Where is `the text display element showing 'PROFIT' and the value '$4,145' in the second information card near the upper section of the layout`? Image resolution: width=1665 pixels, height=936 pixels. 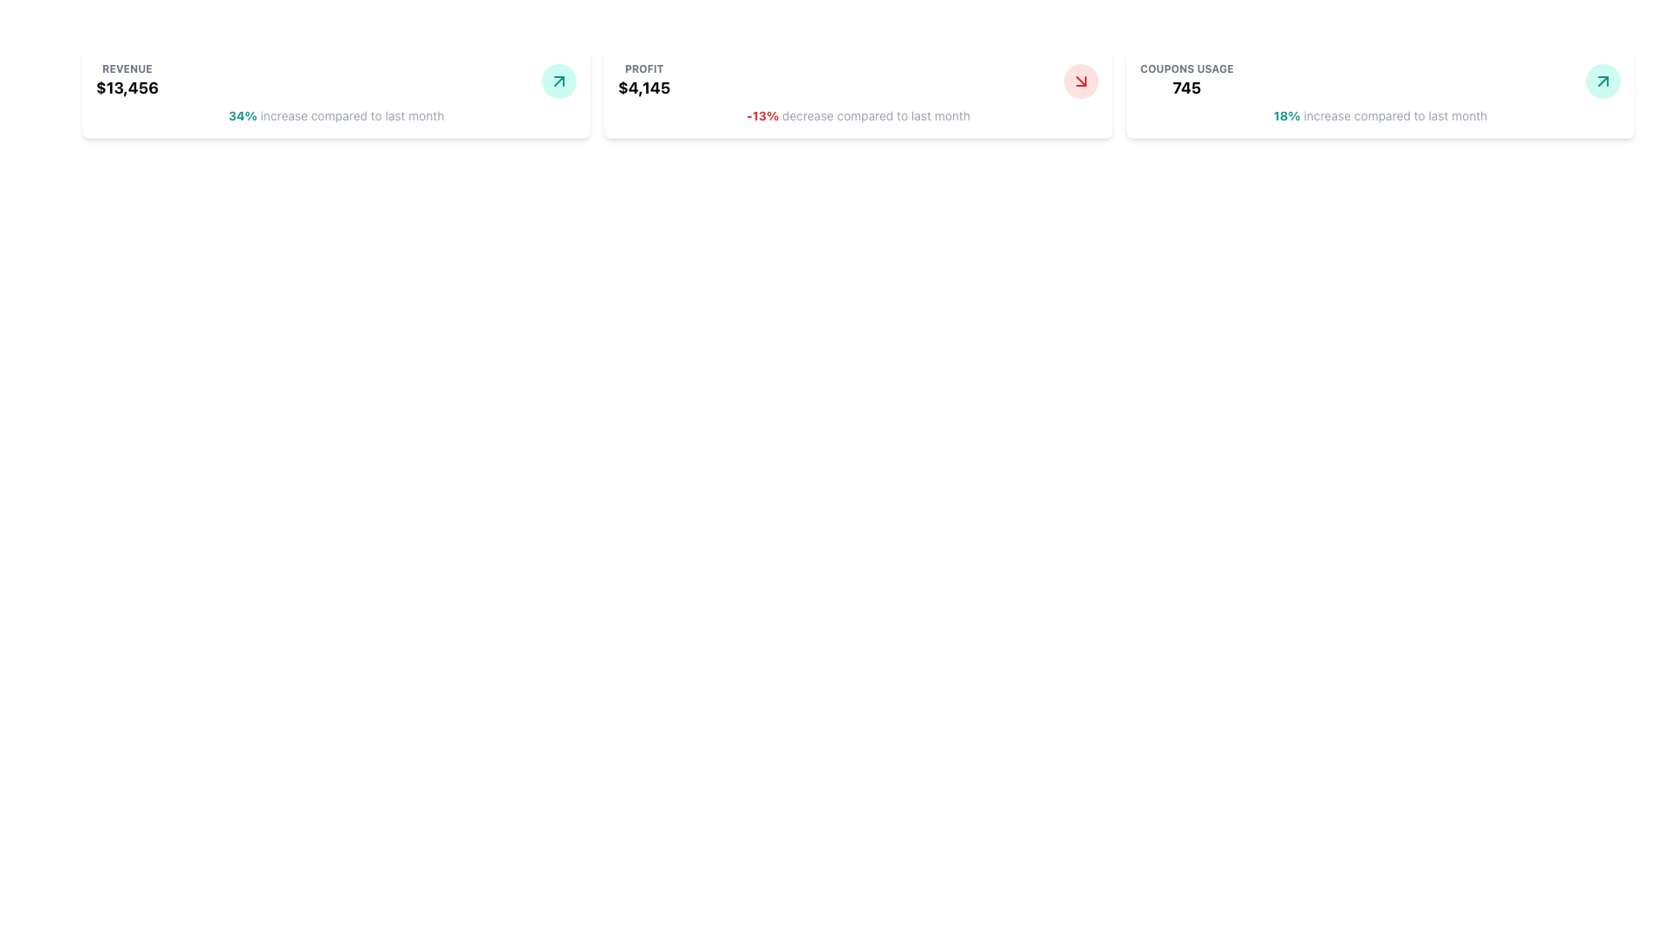 the text display element showing 'PROFIT' and the value '$4,145' in the second information card near the upper section of the layout is located at coordinates (643, 81).